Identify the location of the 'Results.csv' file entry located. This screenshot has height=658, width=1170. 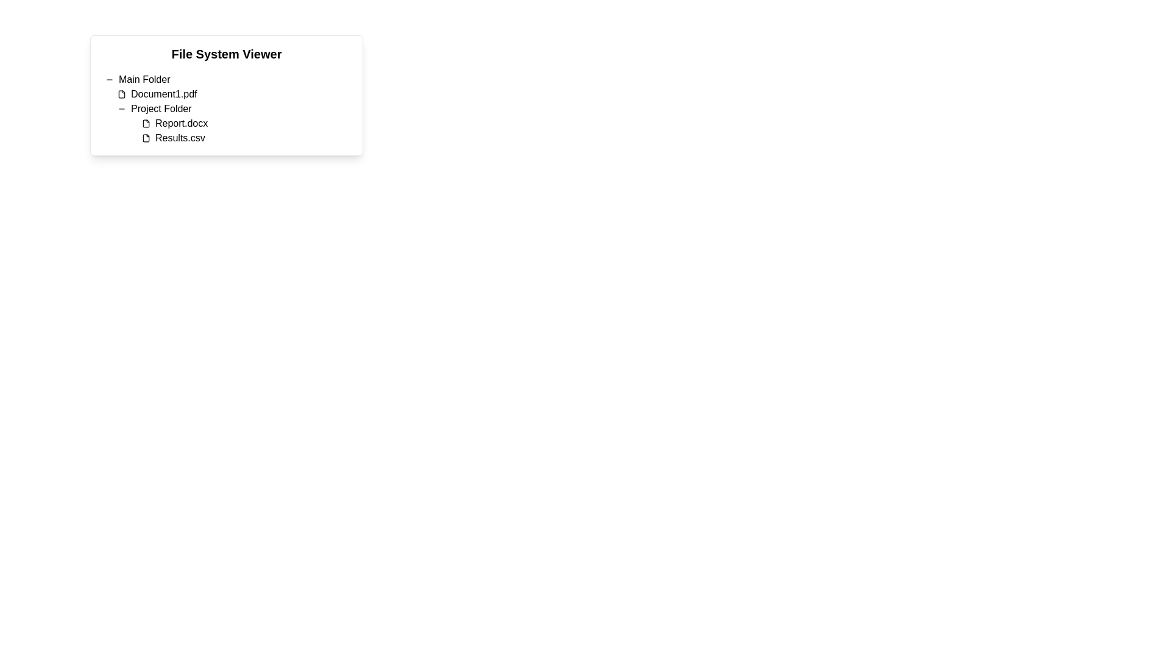
(244, 138).